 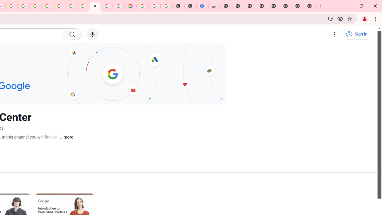 I want to click on 'Search', so click(x=72, y=34).